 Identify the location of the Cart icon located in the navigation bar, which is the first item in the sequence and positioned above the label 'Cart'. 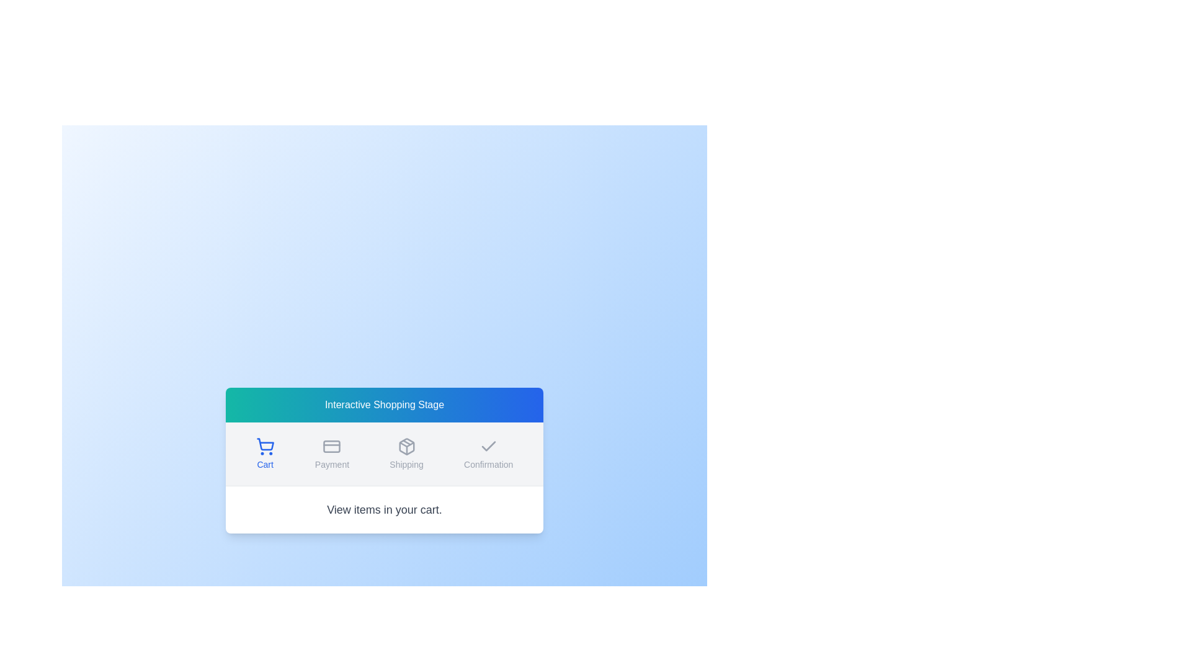
(264, 443).